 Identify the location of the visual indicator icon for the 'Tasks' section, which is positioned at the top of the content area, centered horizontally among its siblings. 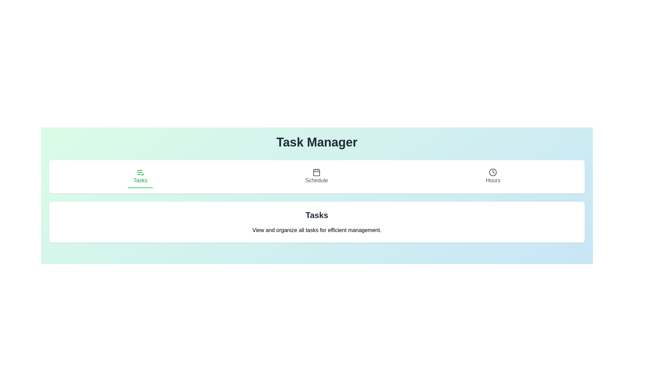
(140, 172).